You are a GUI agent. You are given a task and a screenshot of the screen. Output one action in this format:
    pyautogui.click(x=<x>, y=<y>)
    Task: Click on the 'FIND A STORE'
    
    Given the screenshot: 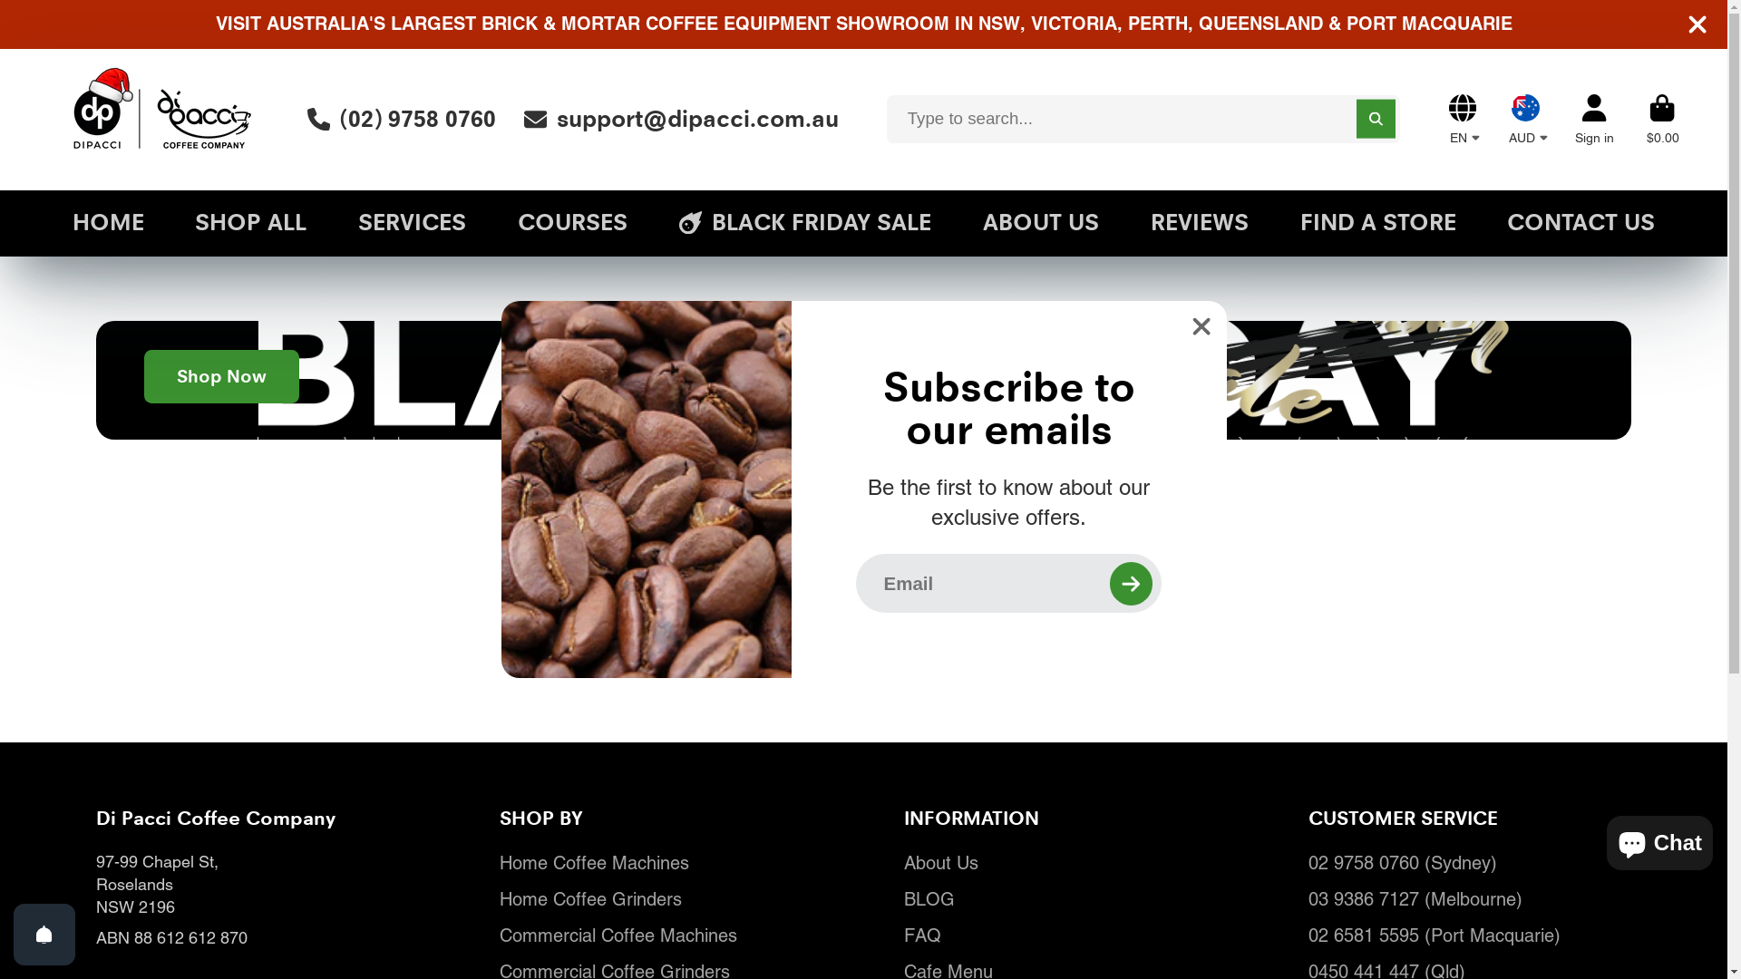 What is the action you would take?
    pyautogui.click(x=1378, y=221)
    